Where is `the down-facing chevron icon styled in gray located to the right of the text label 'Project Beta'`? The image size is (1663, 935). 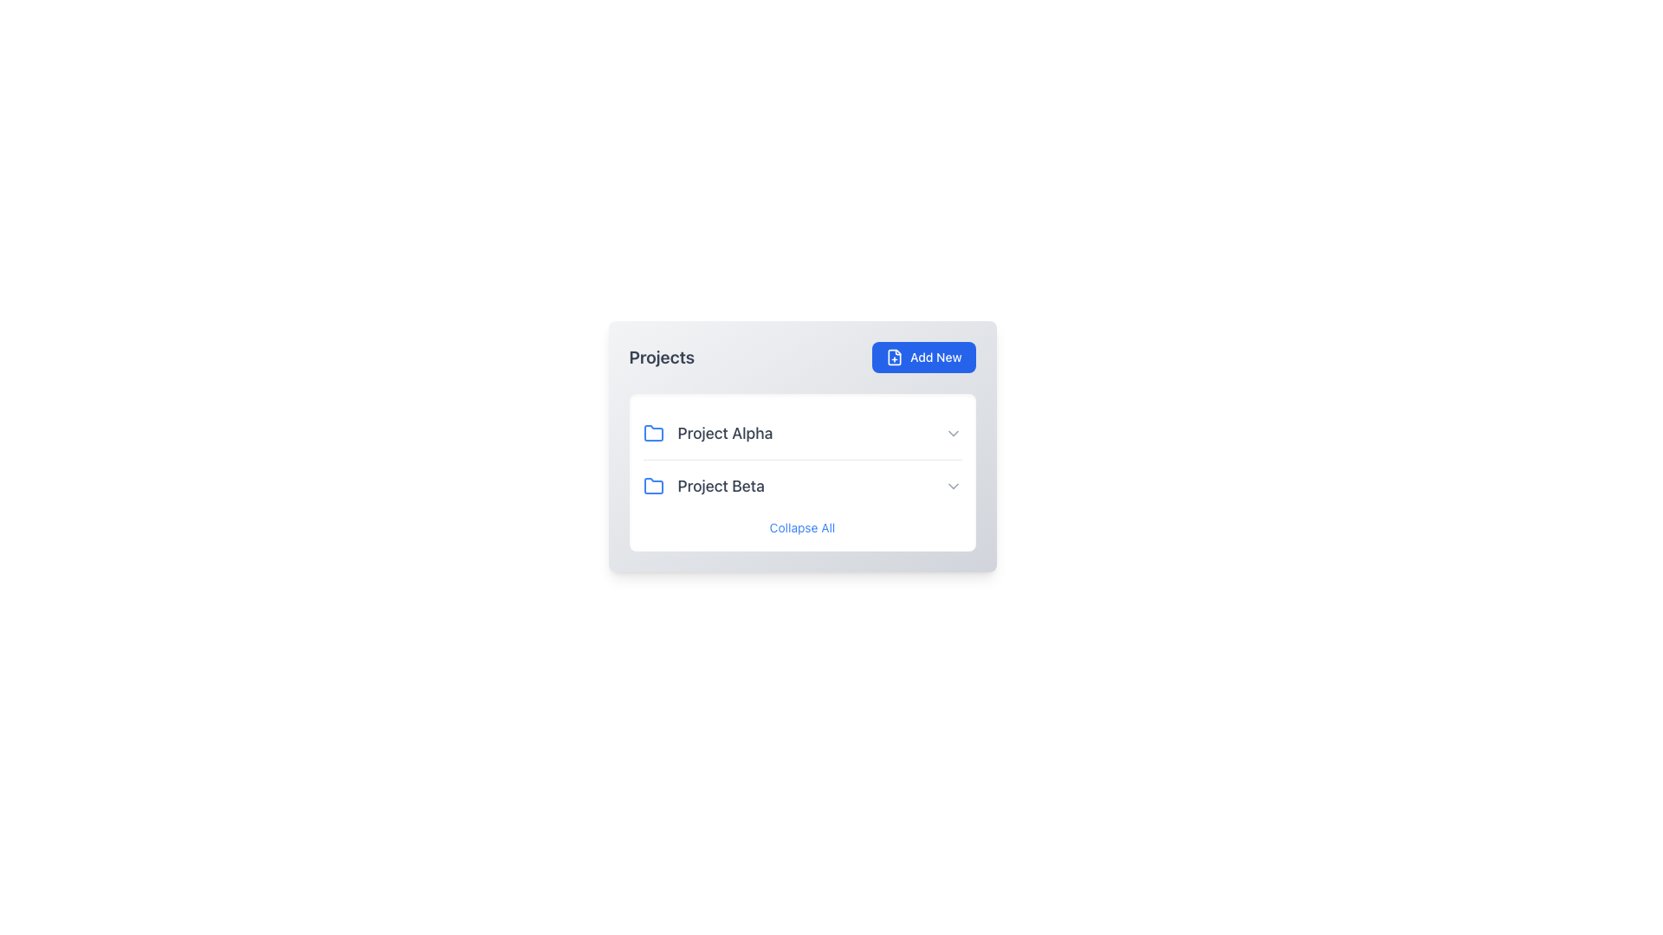 the down-facing chevron icon styled in gray located to the right of the text label 'Project Beta' is located at coordinates (952, 487).